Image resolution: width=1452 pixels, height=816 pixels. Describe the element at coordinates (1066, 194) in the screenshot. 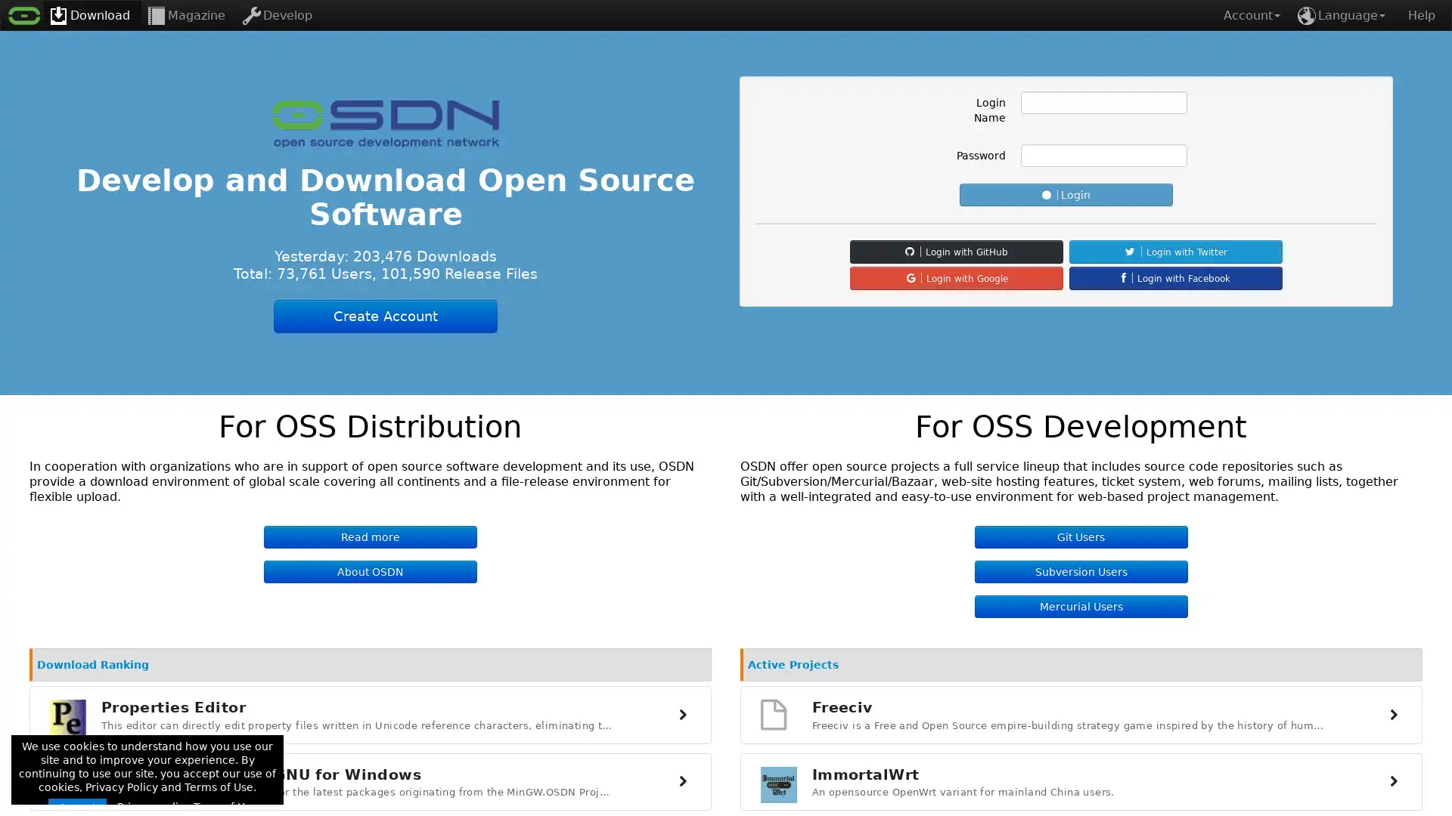

I see `Login` at that location.